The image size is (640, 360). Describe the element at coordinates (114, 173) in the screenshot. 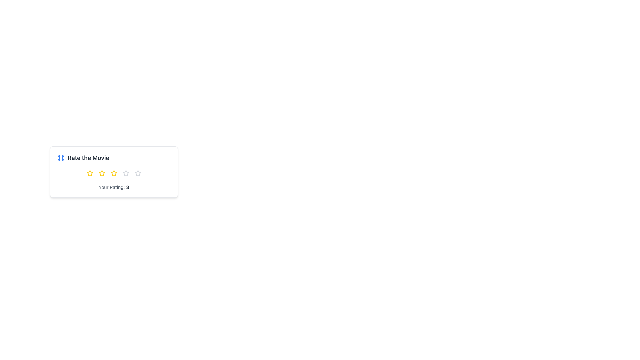

I see `the third star icon in the rating component to set the user's rating to three stars` at that location.